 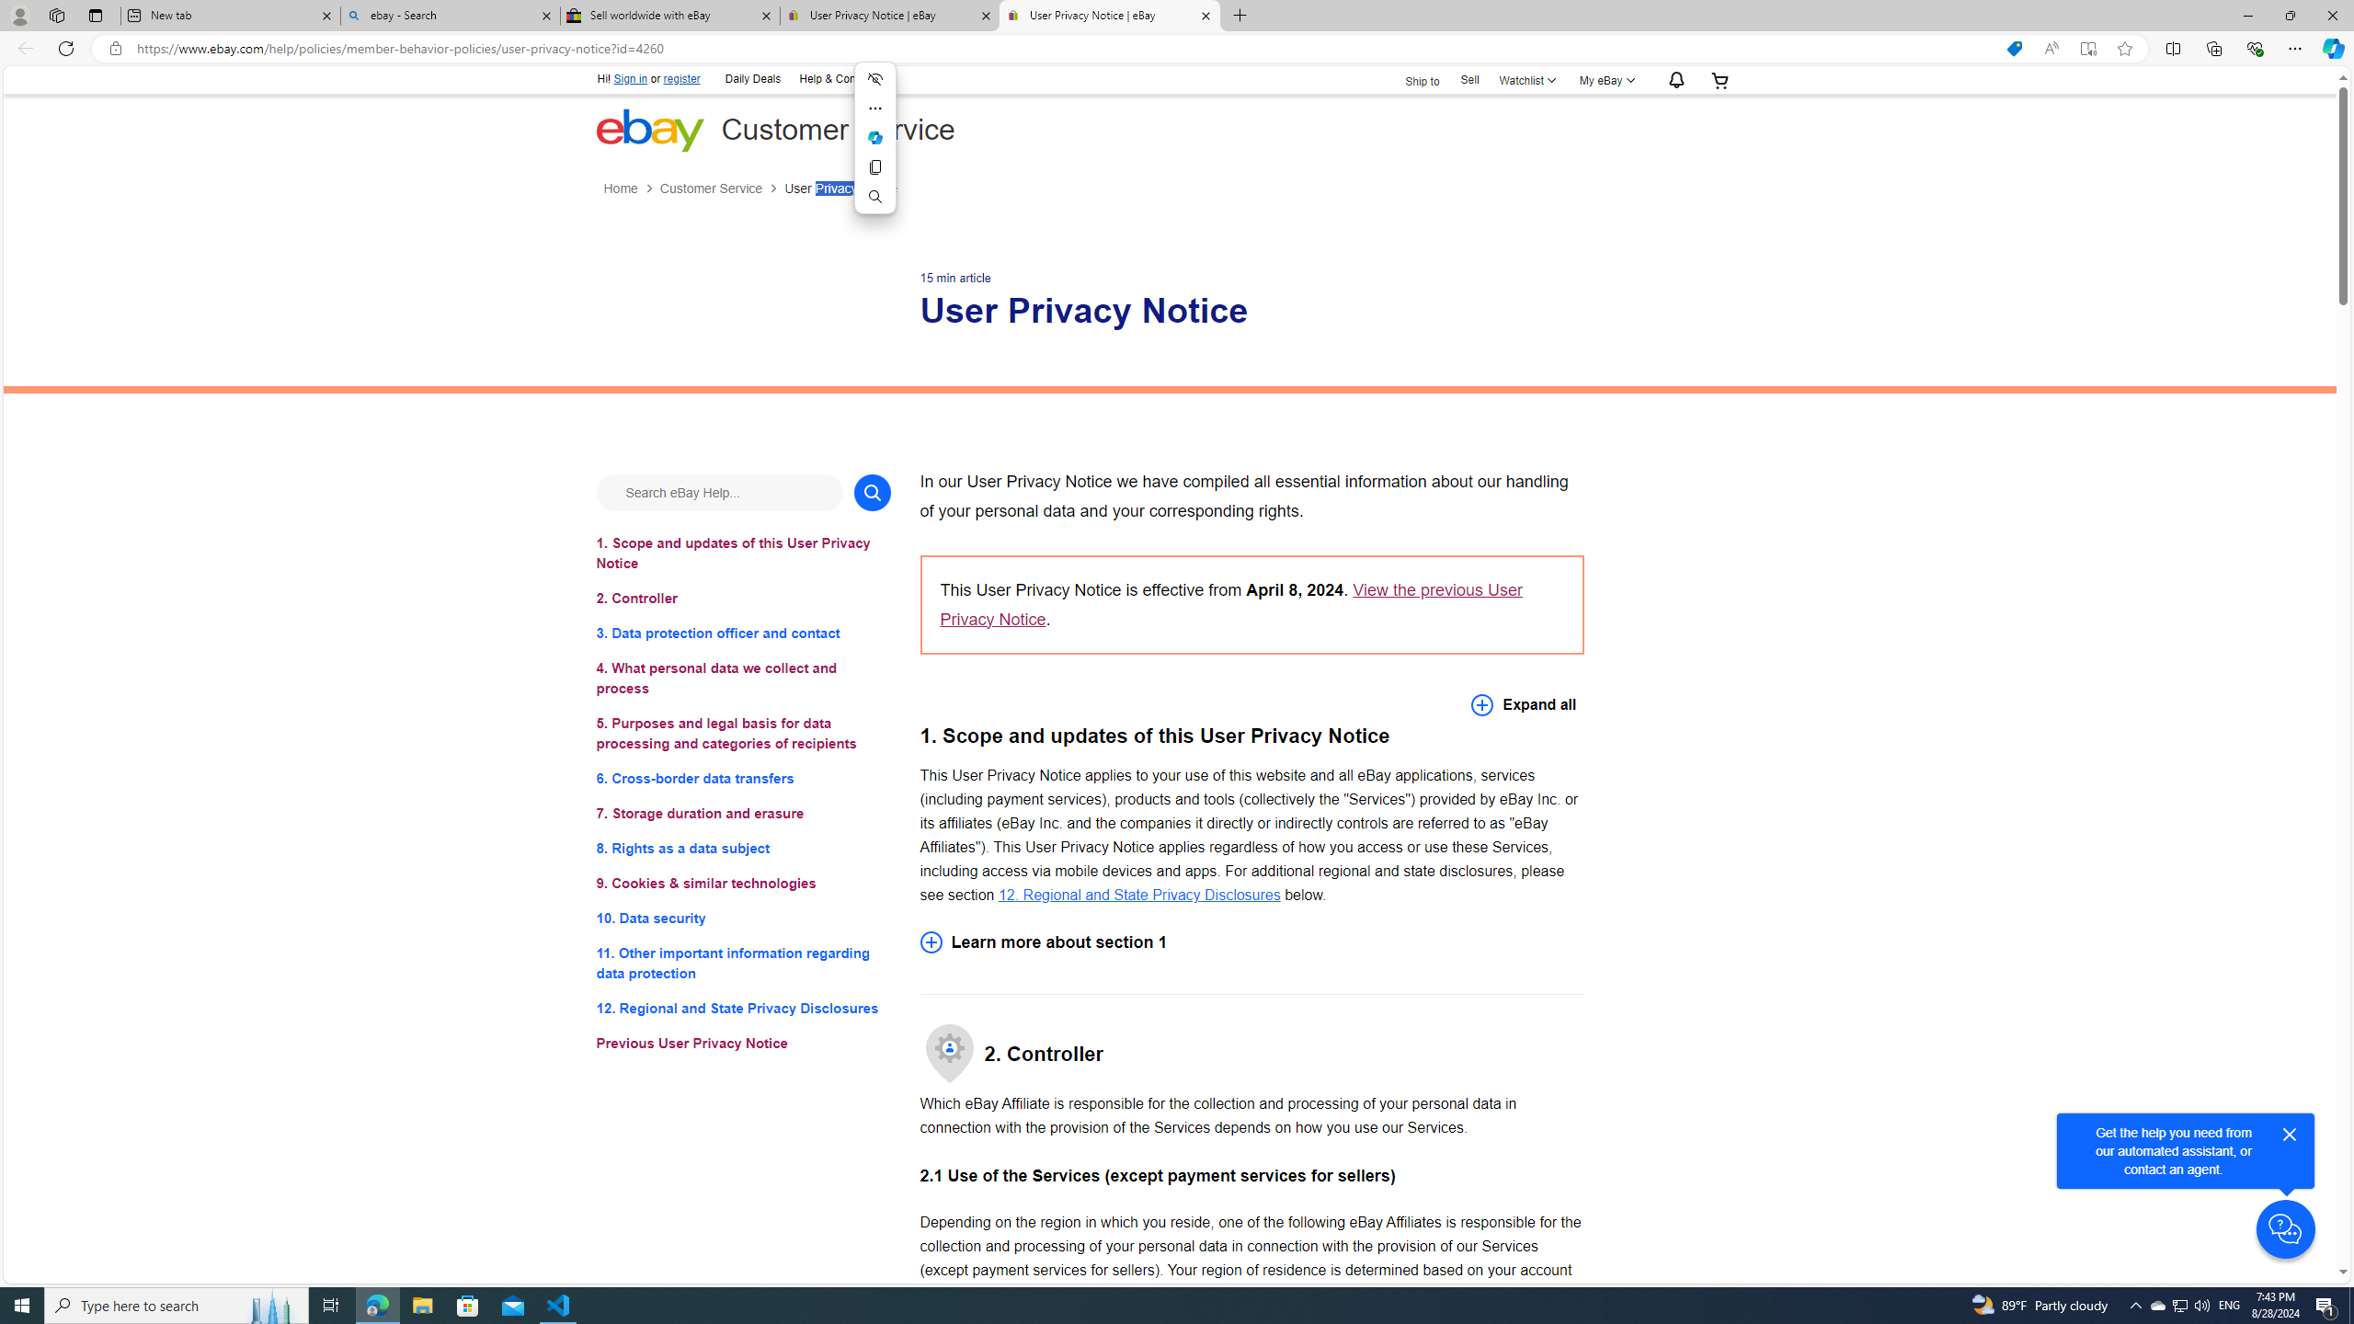 What do you see at coordinates (681, 78) in the screenshot?
I see `'register'` at bounding box center [681, 78].